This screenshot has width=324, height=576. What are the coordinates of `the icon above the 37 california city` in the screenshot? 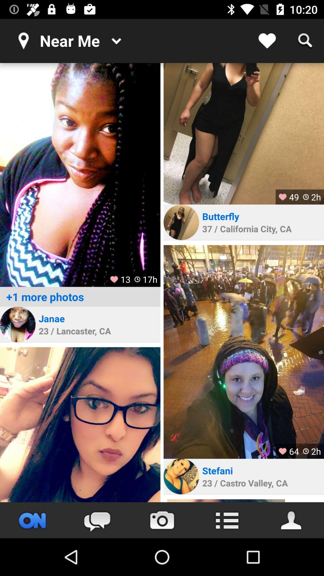 It's located at (222, 216).